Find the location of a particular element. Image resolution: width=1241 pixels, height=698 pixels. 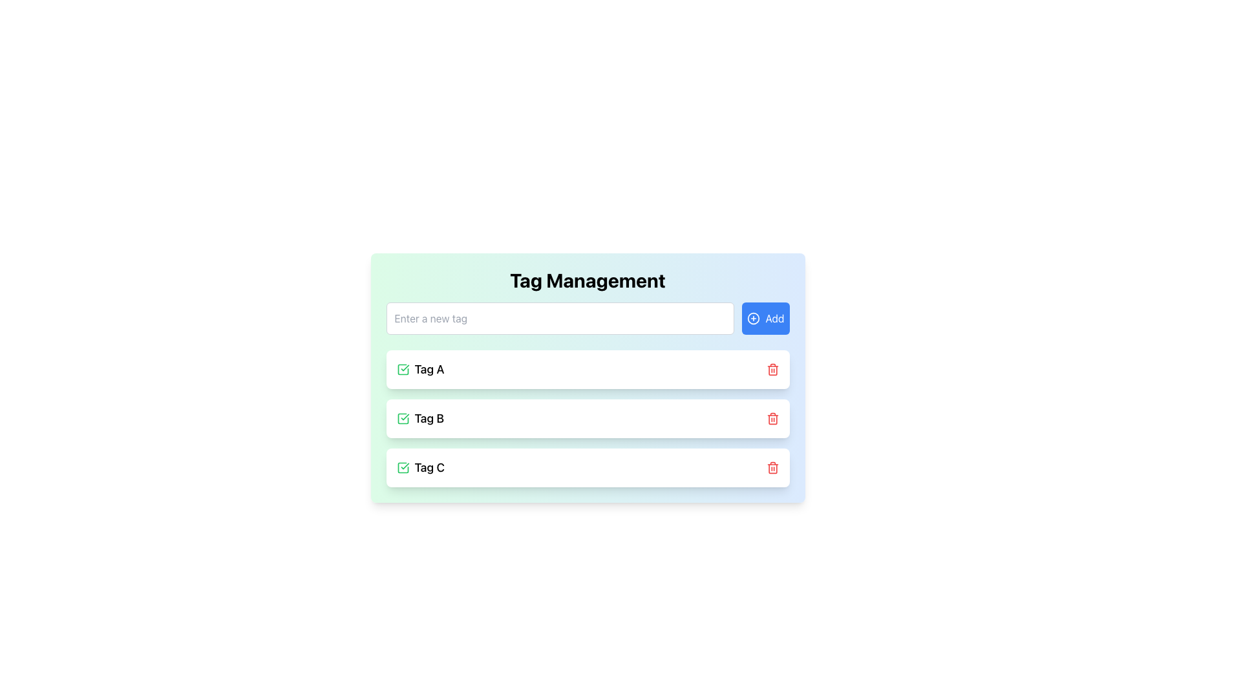

the text label displaying 'Tag C', which is styled in bold and medium size, located in the bottom row of the 'Tag Management' list, next to a green checkmark icon is located at coordinates (429, 468).